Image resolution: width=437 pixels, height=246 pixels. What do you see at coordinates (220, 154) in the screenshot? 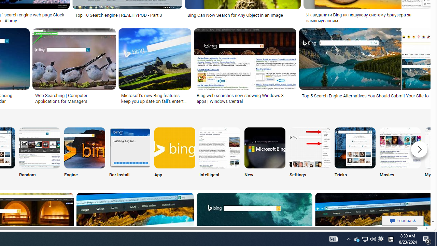
I see `'Intelligent'` at bounding box center [220, 154].